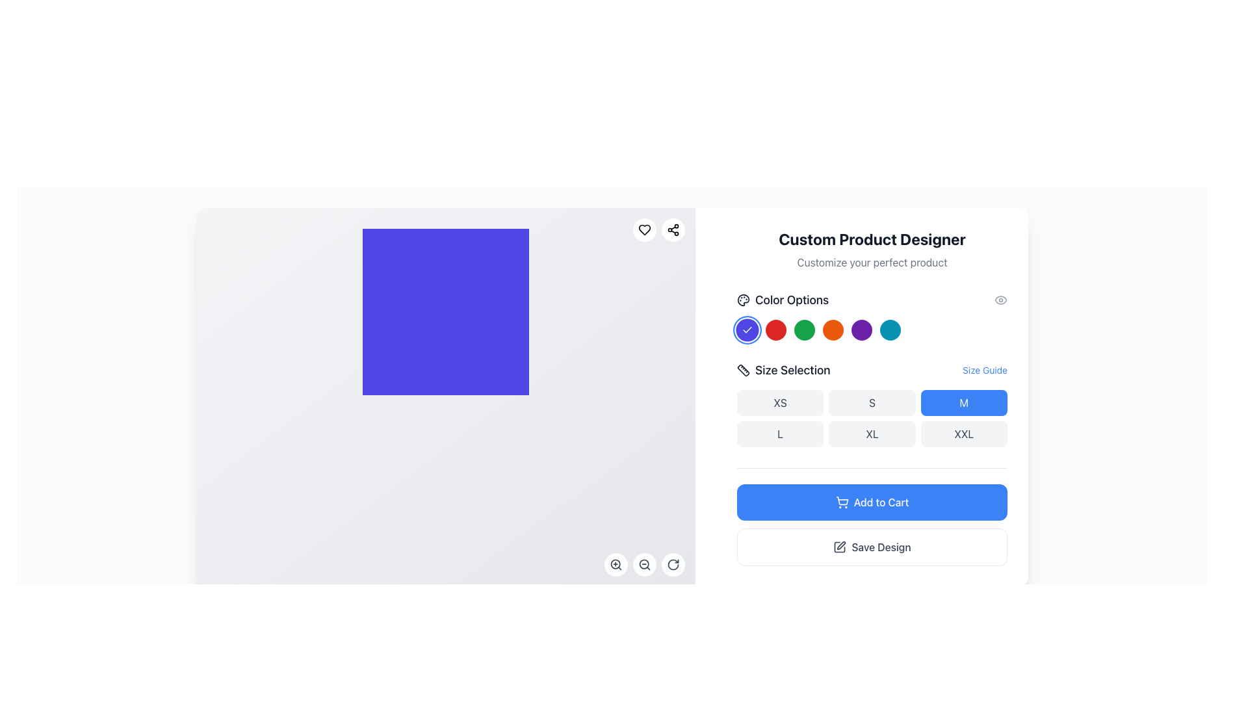 The height and width of the screenshot is (702, 1248). I want to click on descriptive text fragment that reads 'Customize your perfect product.' which is located directly below the main heading 'Custom Product Designer' in the right-hand column of the interface, so click(872, 263).